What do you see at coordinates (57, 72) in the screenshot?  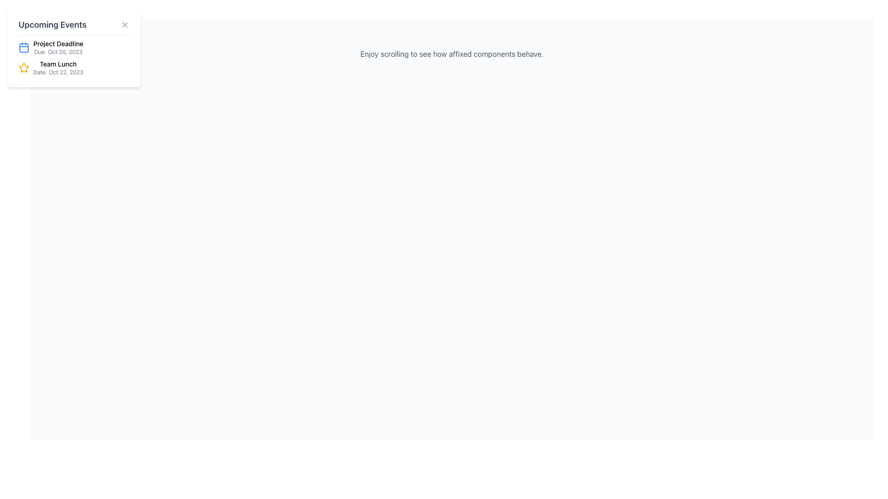 I see `the static text indicating the scheduled date of the 'Team Lunch' event, located below the 'Team Lunch' heading in the 'Upcoming Events' panel` at bounding box center [57, 72].